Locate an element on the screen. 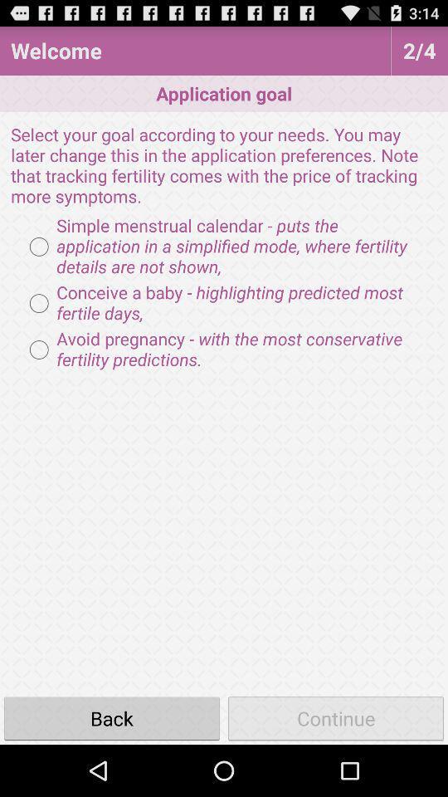 Image resolution: width=448 pixels, height=797 pixels. the icon below select your goal icon is located at coordinates (224, 246).